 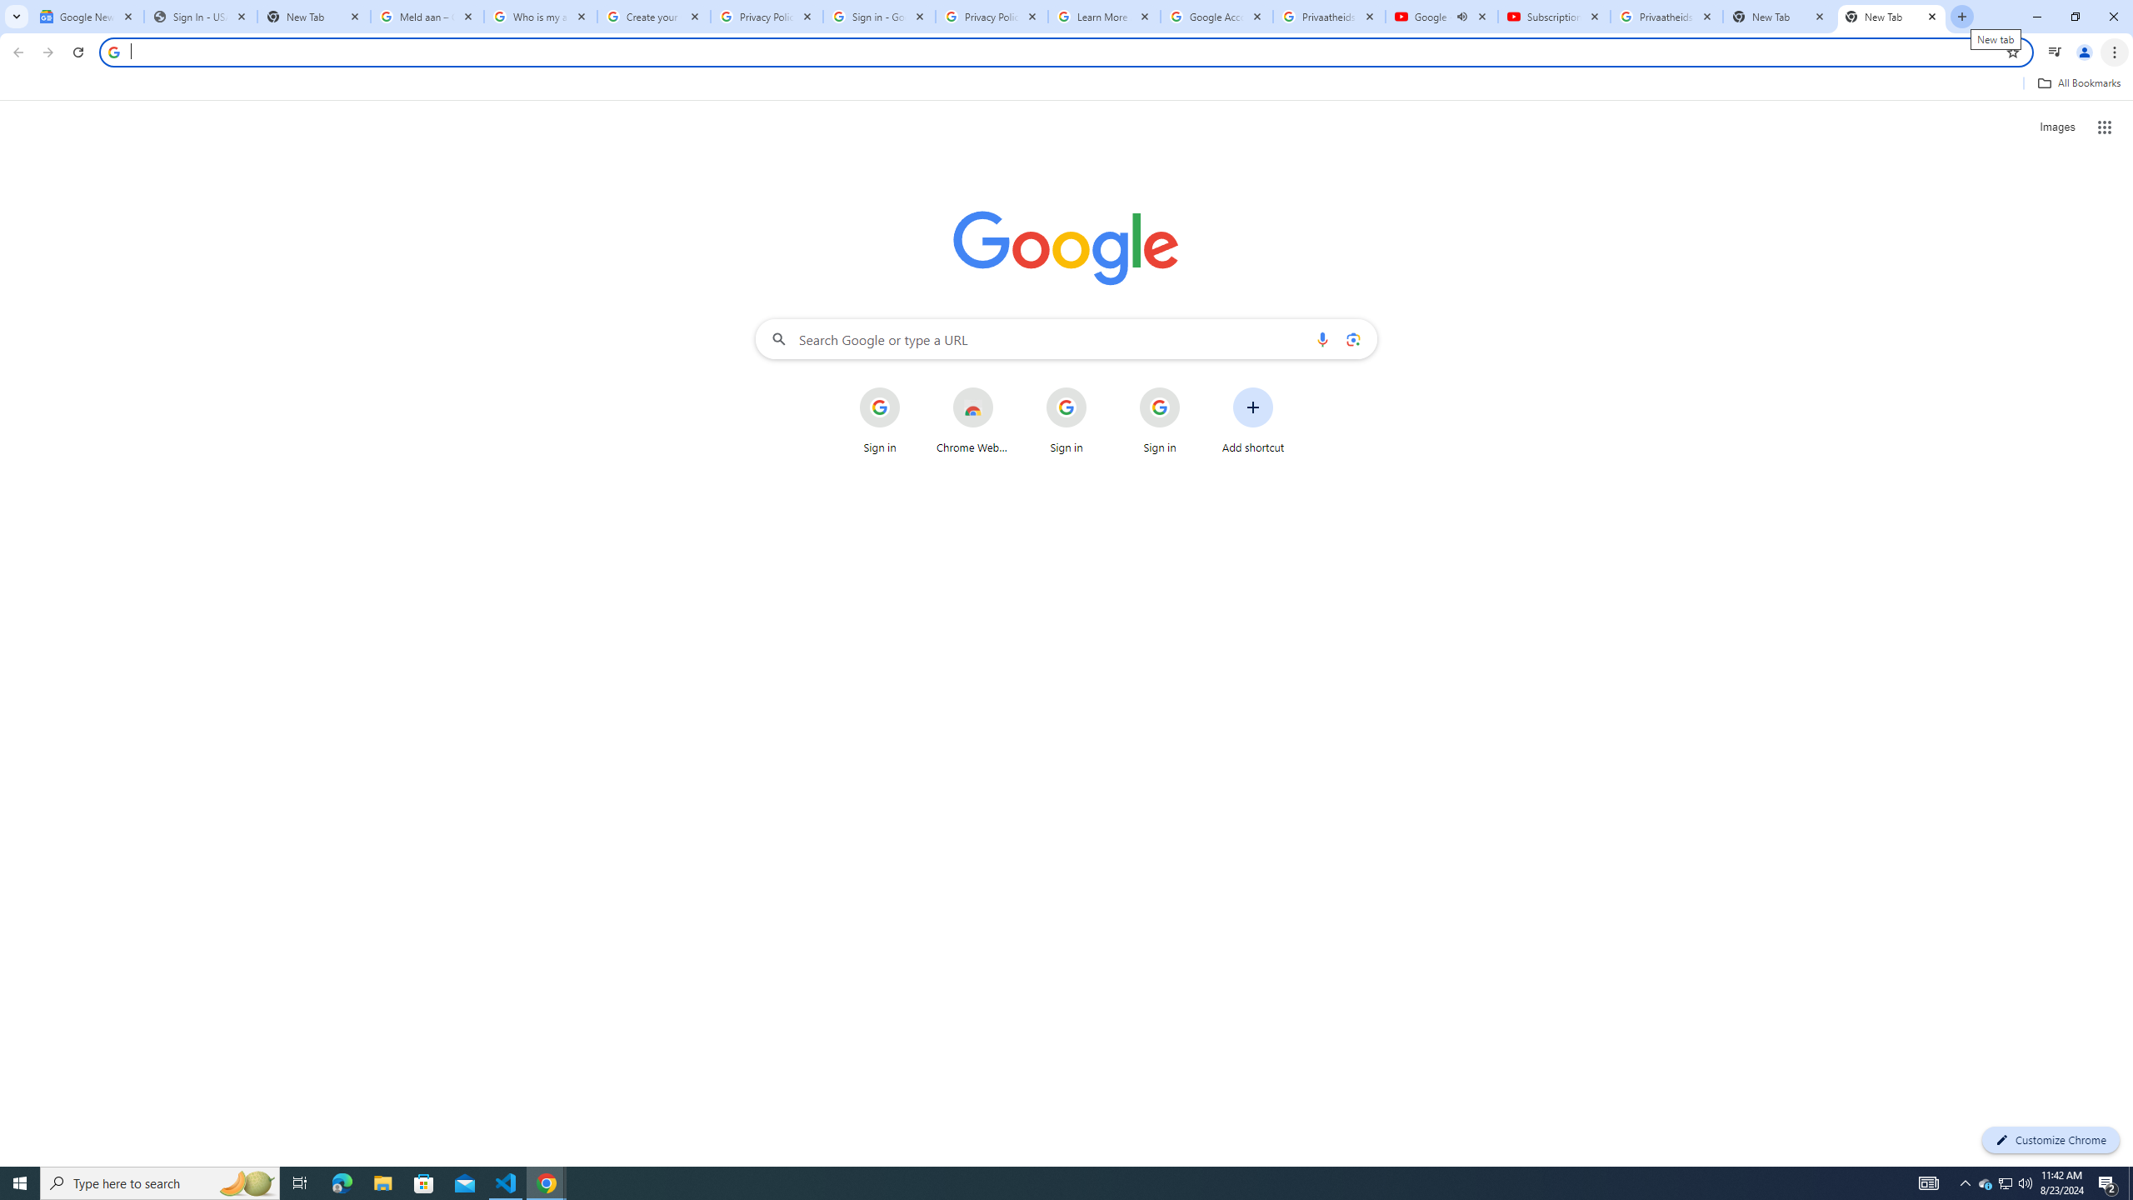 I want to click on 'Sign in - Google Accounts', so click(x=877, y=16).